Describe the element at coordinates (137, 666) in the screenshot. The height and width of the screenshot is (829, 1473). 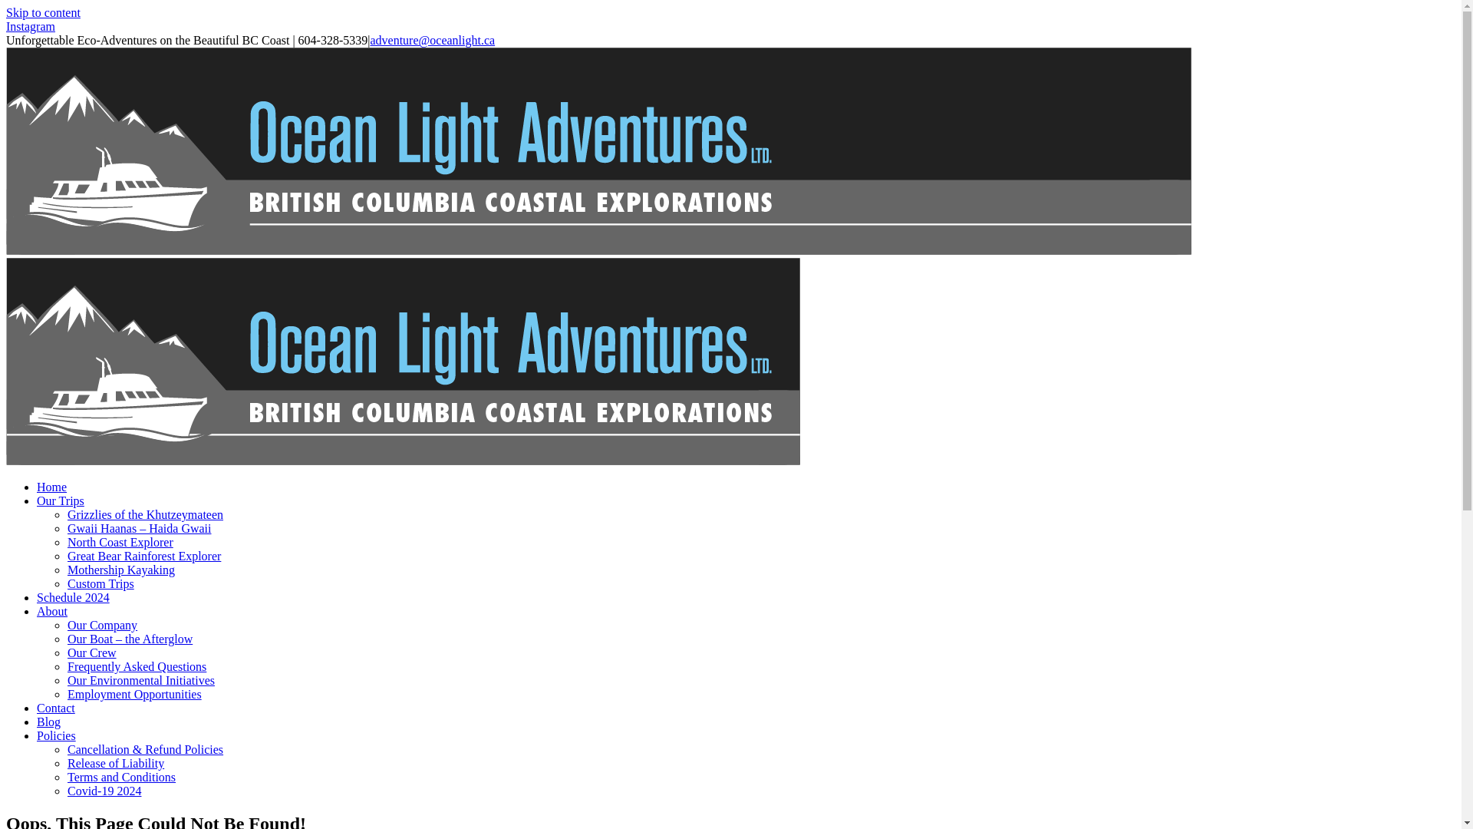
I see `'Frequently Asked Questions'` at that location.